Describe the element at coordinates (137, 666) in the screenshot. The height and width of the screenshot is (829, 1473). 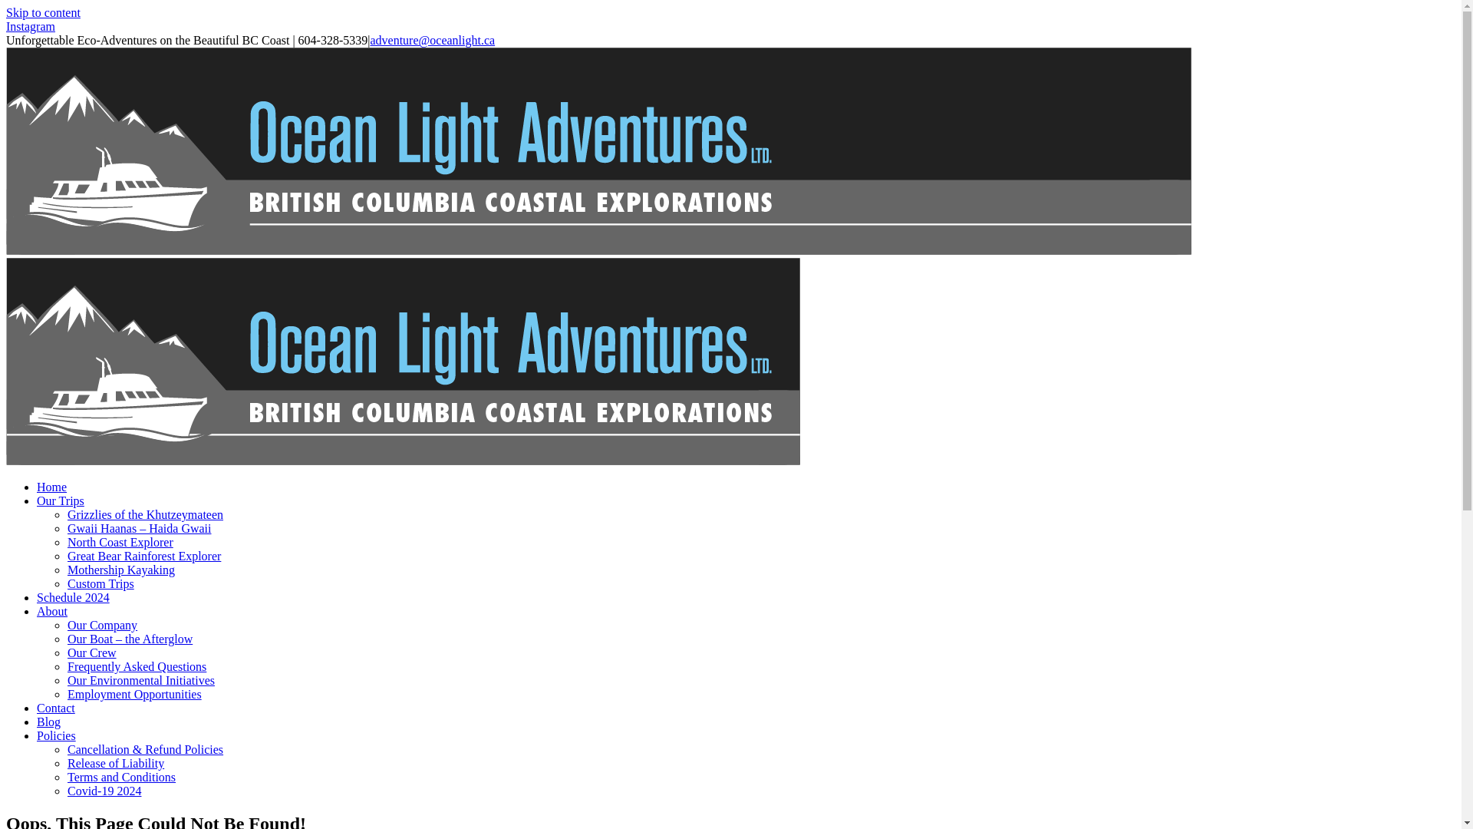
I see `'Frequently Asked Questions'` at that location.